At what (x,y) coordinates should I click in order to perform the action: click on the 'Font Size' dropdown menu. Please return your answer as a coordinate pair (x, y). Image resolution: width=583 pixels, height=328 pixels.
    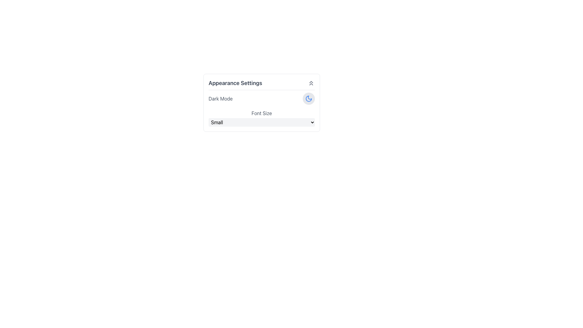
    Looking at the image, I should click on (262, 118).